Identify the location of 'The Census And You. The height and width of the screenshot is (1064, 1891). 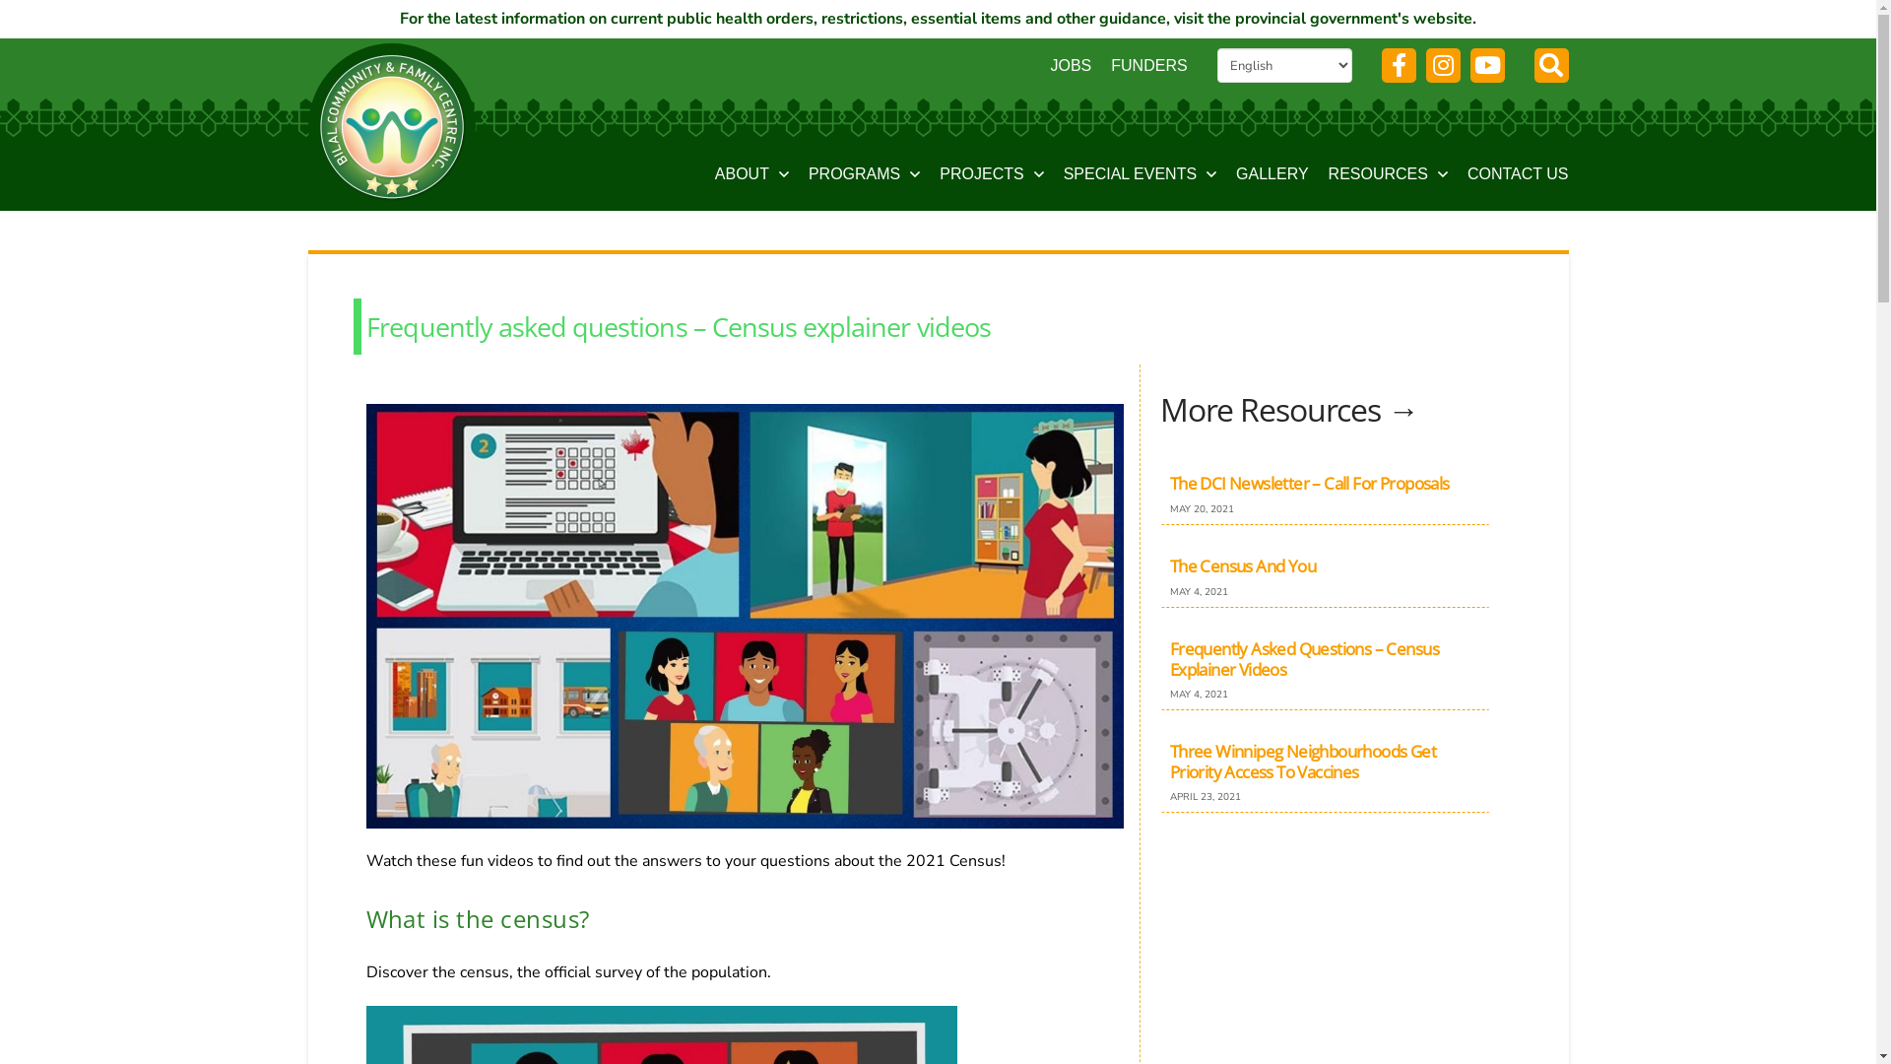
(1325, 572).